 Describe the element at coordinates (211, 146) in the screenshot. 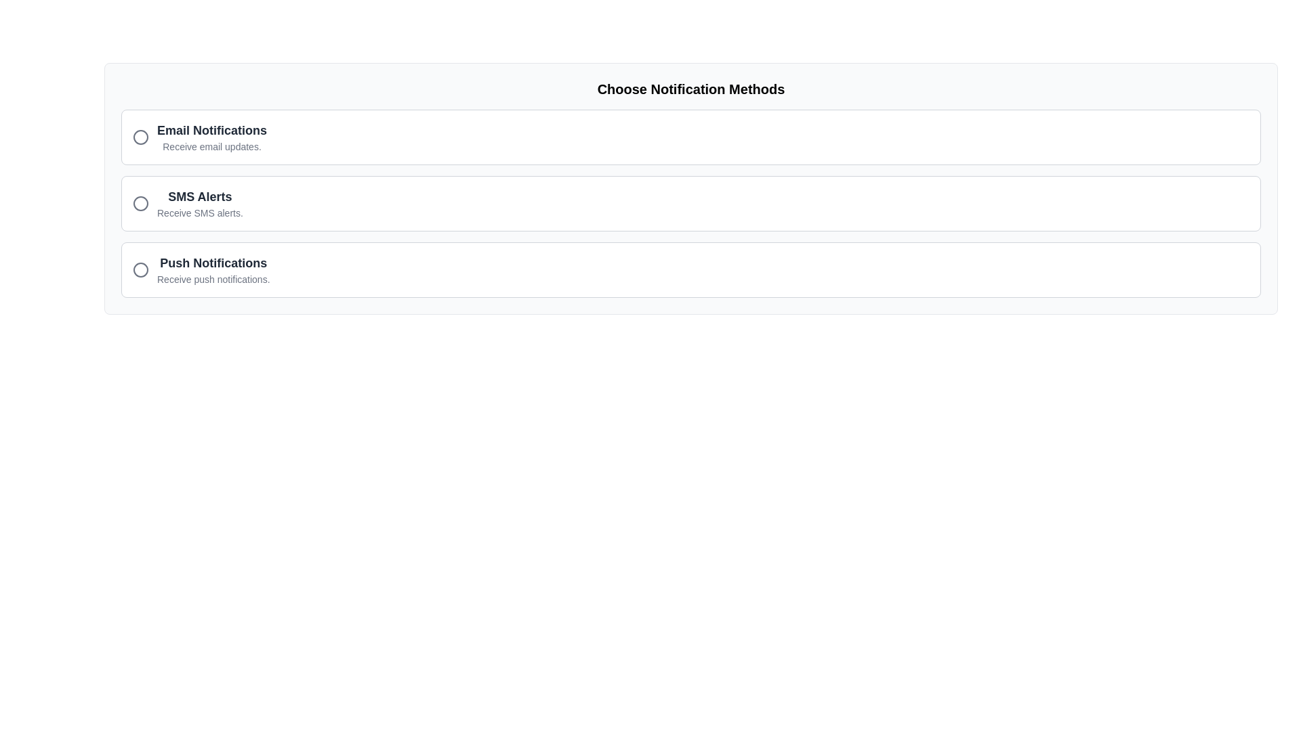

I see `the descriptive text element providing additional information about the 'Email Notifications' option, which is positioned directly beneath the title of the option` at that location.